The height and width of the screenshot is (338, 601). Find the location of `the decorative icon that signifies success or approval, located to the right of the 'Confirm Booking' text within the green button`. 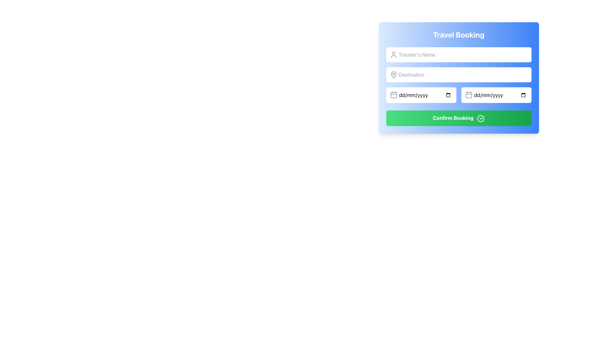

the decorative icon that signifies success or approval, located to the right of the 'Confirm Booking' text within the green button is located at coordinates (480, 118).